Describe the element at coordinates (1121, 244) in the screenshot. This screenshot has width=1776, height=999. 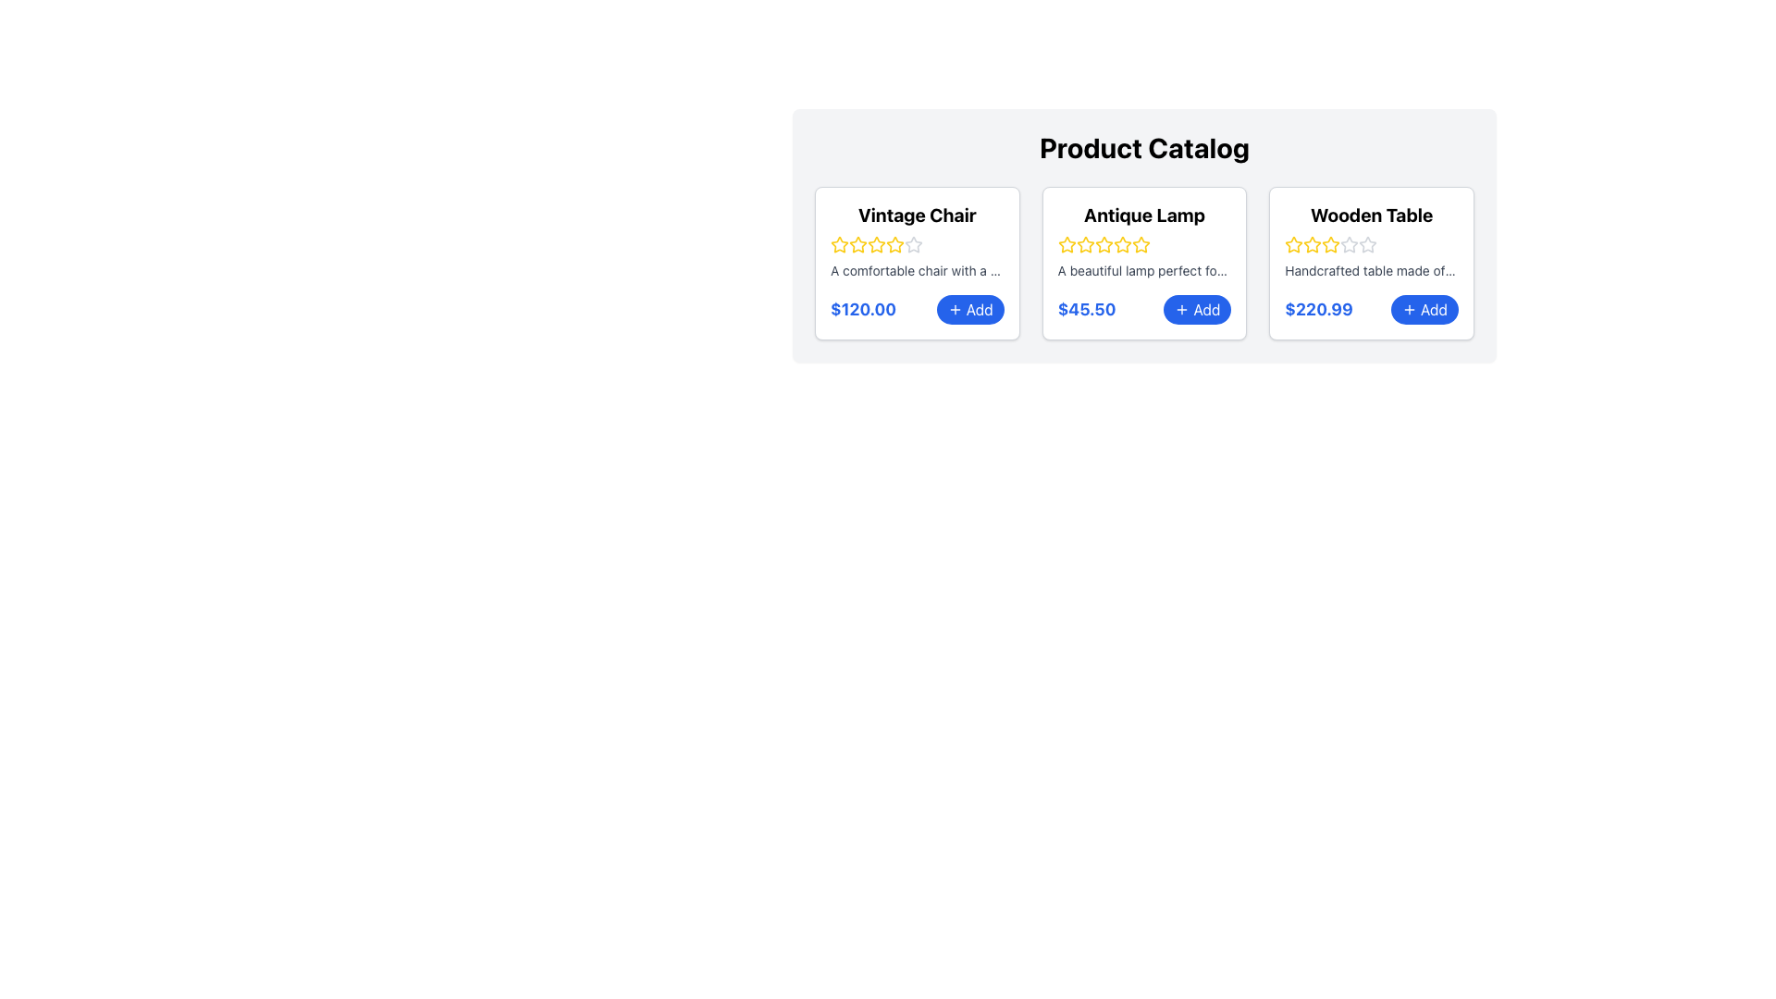
I see `the fifth yellow star icon in the rating star group under the product name 'Antique Lamp'` at that location.